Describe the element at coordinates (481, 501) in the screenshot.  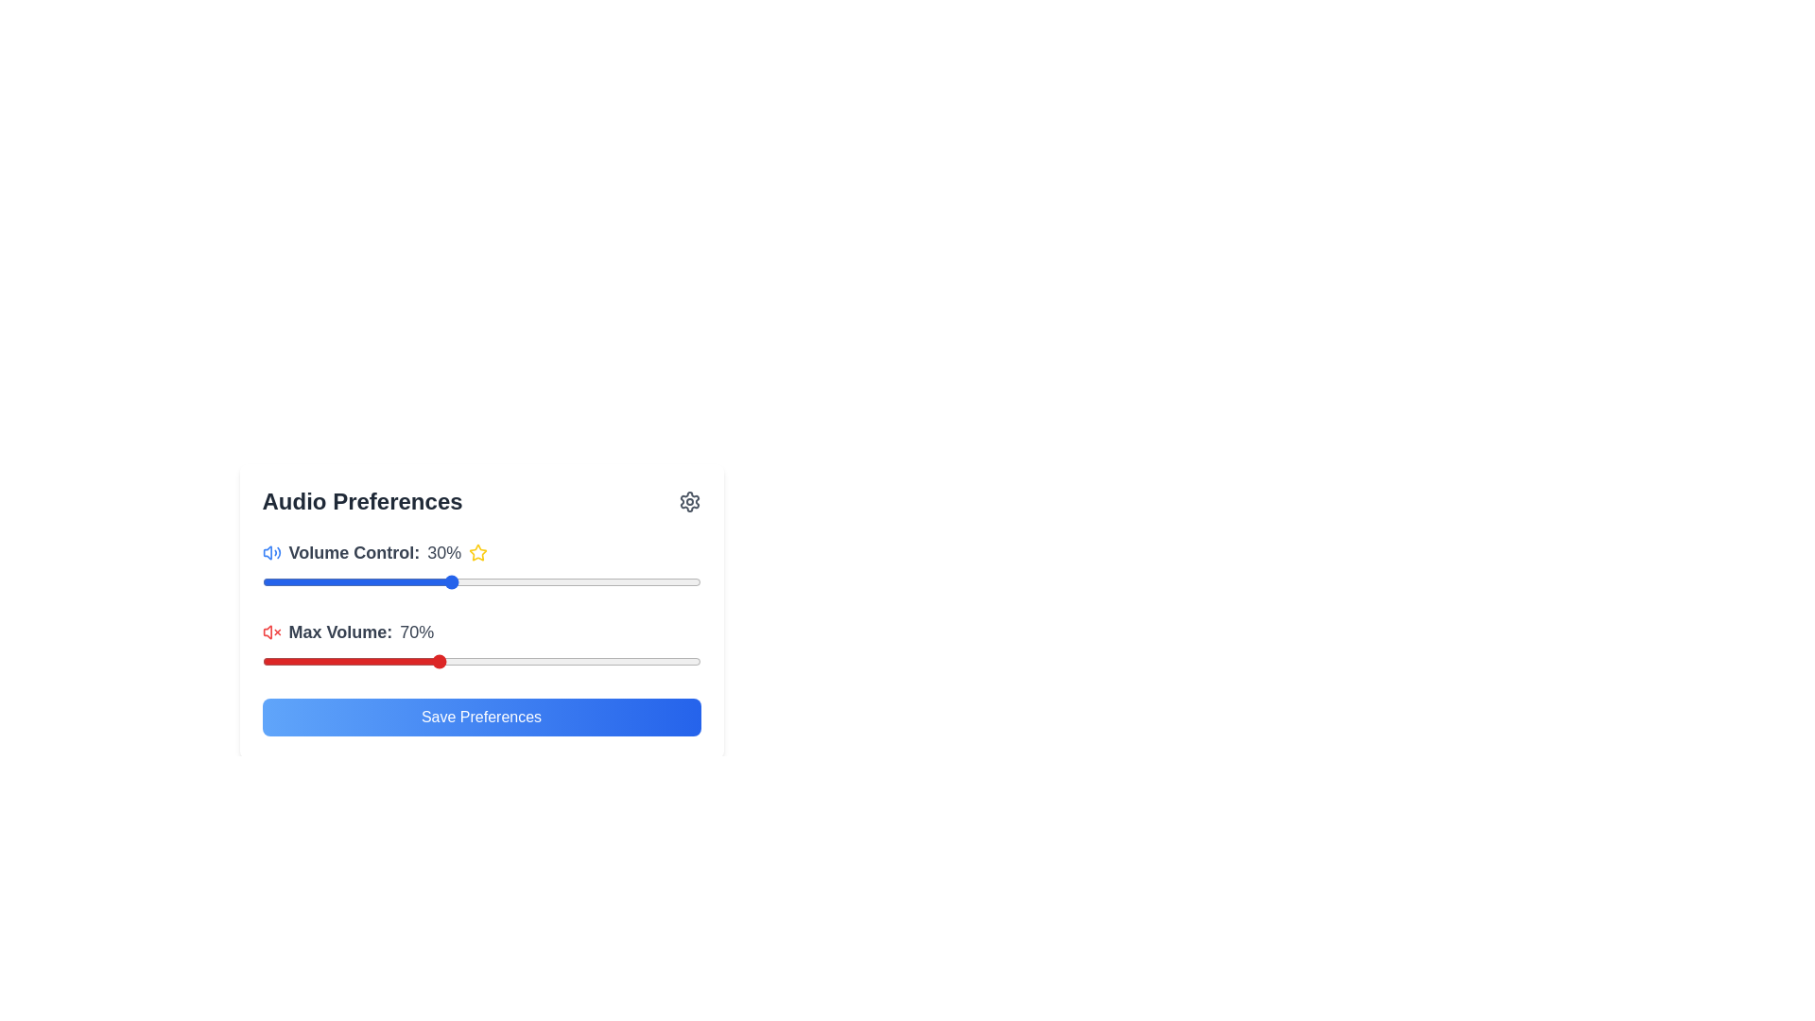
I see `the 'Audio Preferences' title` at that location.